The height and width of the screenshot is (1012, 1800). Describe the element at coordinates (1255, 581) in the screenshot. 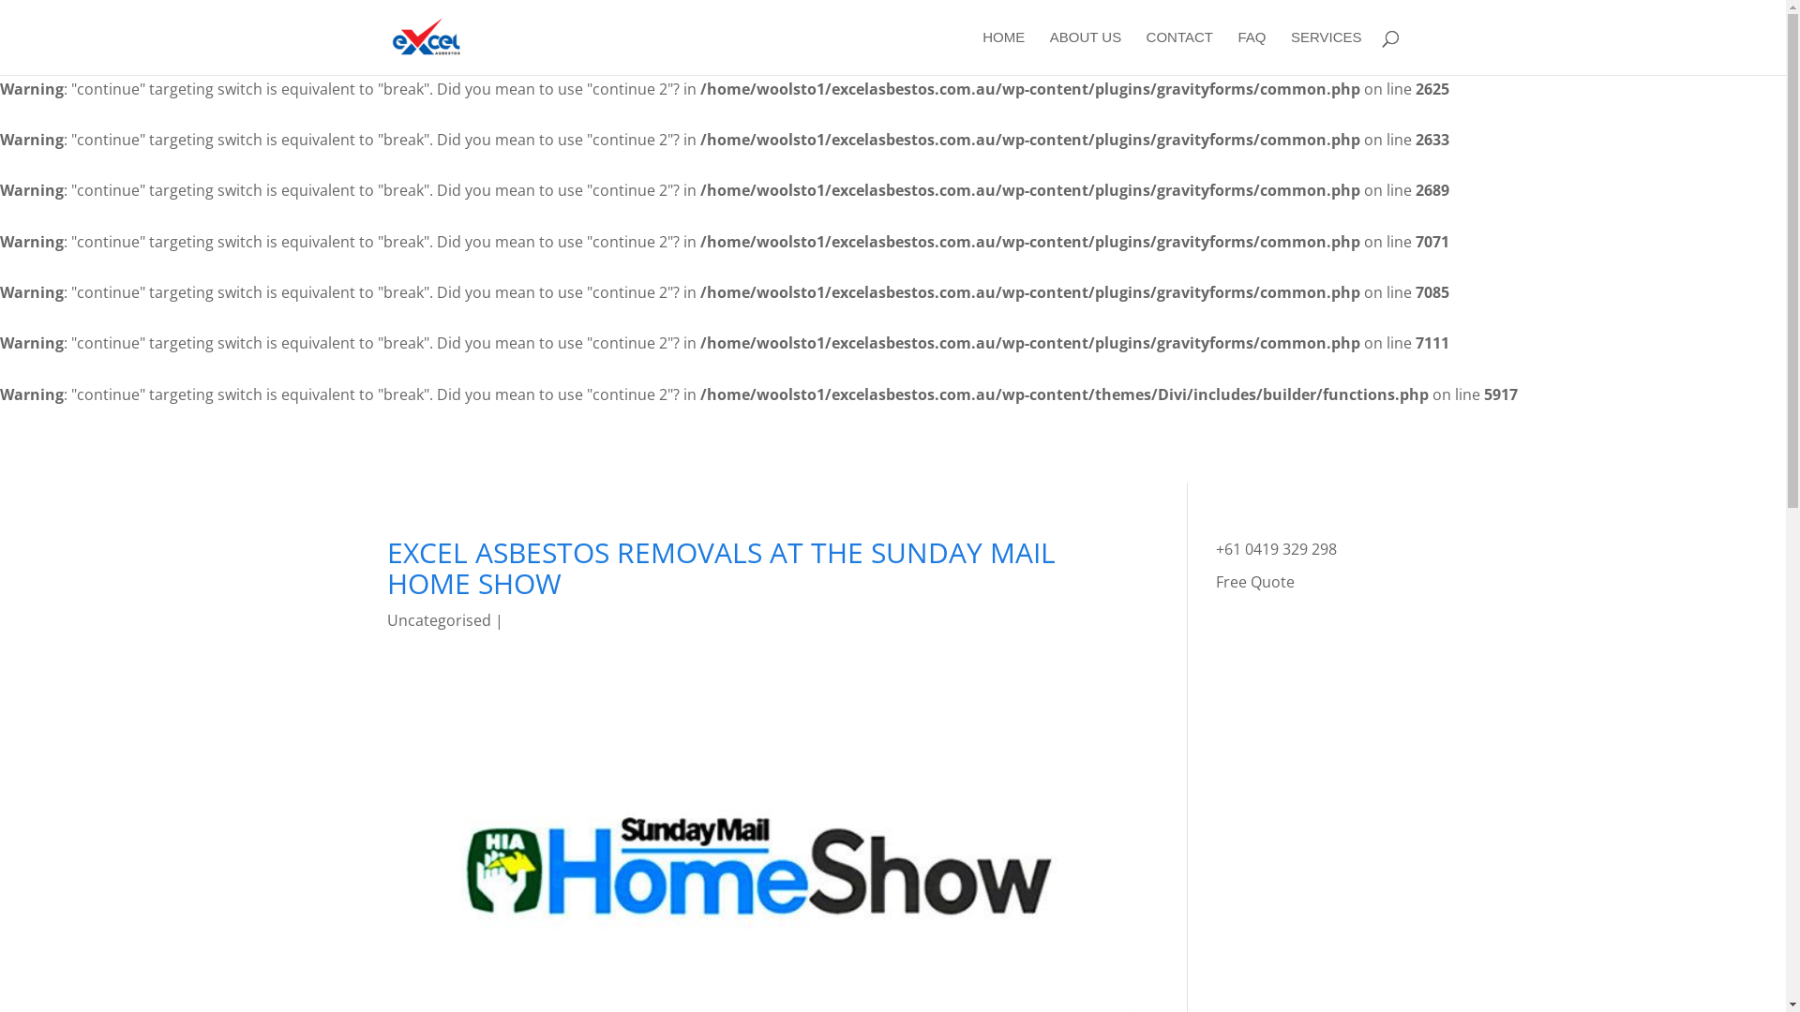

I see `'Free Quote'` at that location.